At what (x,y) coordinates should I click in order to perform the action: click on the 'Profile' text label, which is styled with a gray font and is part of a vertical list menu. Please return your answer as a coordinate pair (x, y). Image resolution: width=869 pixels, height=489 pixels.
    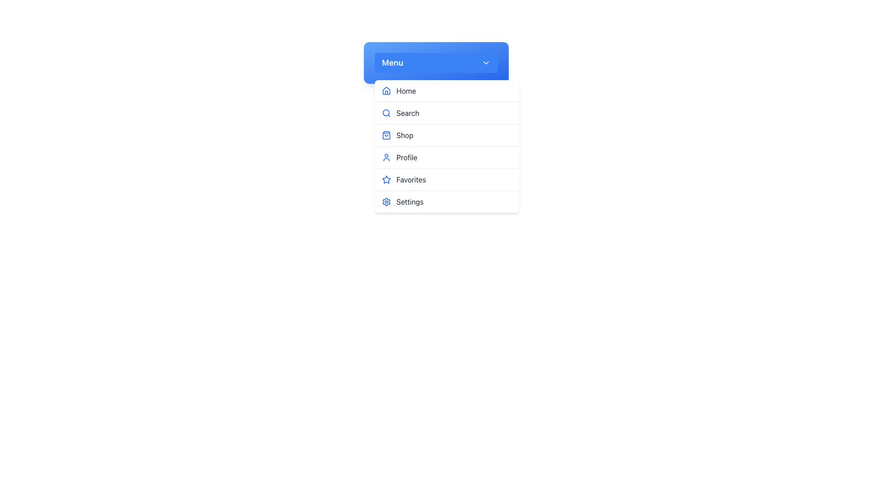
    Looking at the image, I should click on (406, 157).